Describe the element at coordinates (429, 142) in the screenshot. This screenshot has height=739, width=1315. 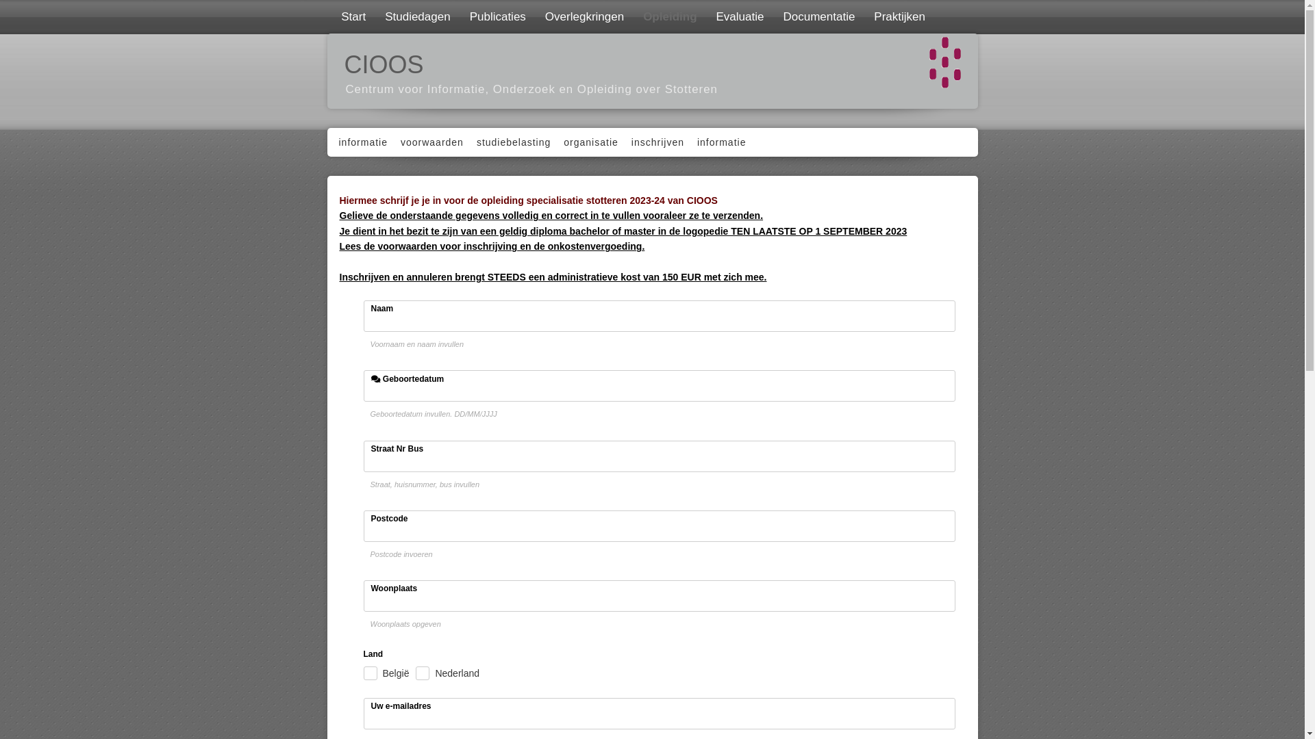
I see `'voorwaarden'` at that location.